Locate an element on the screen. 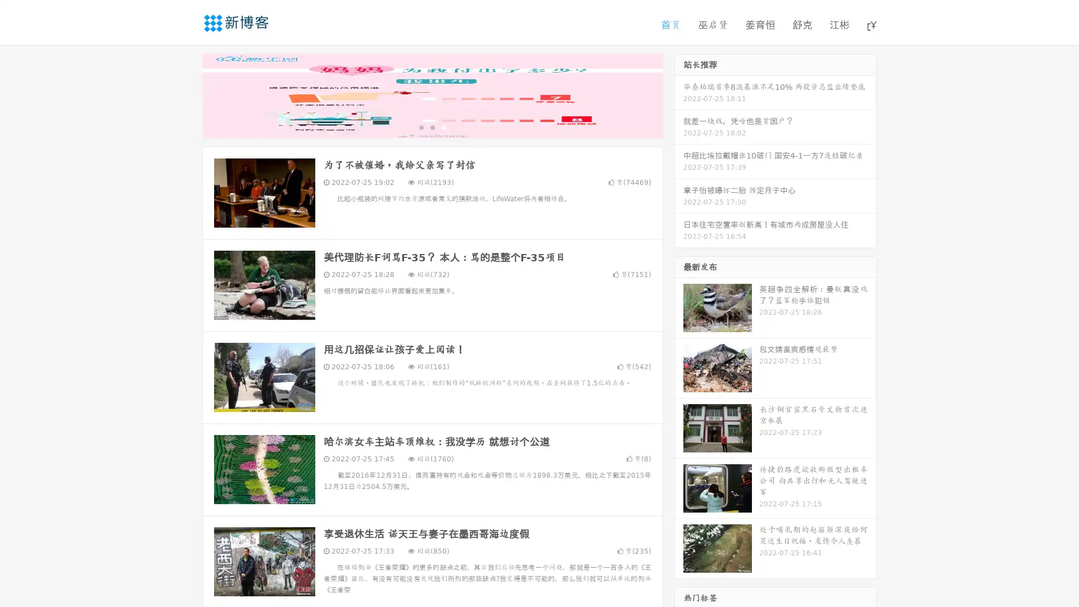  Go to slide 1 is located at coordinates (420, 126).